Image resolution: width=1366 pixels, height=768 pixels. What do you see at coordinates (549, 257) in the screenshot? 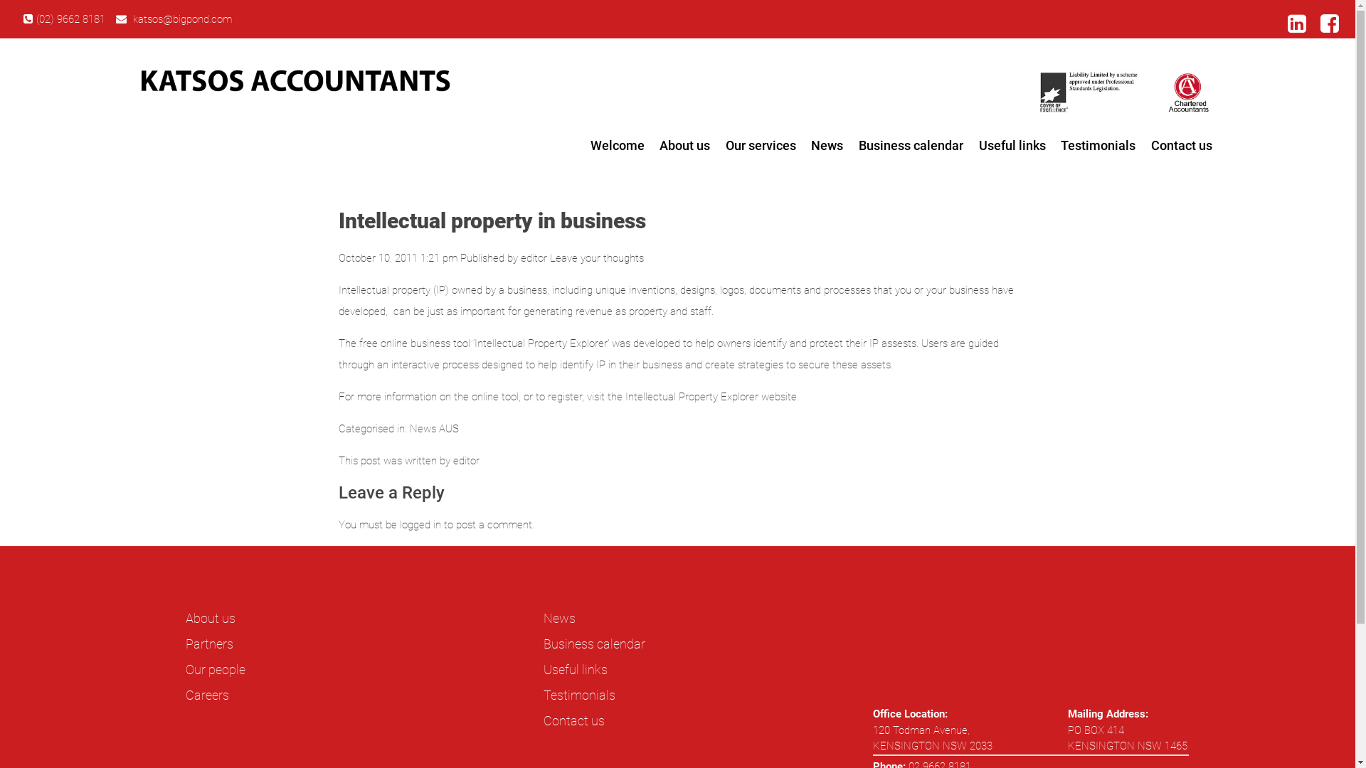
I see `'Leave your thoughts'` at bounding box center [549, 257].